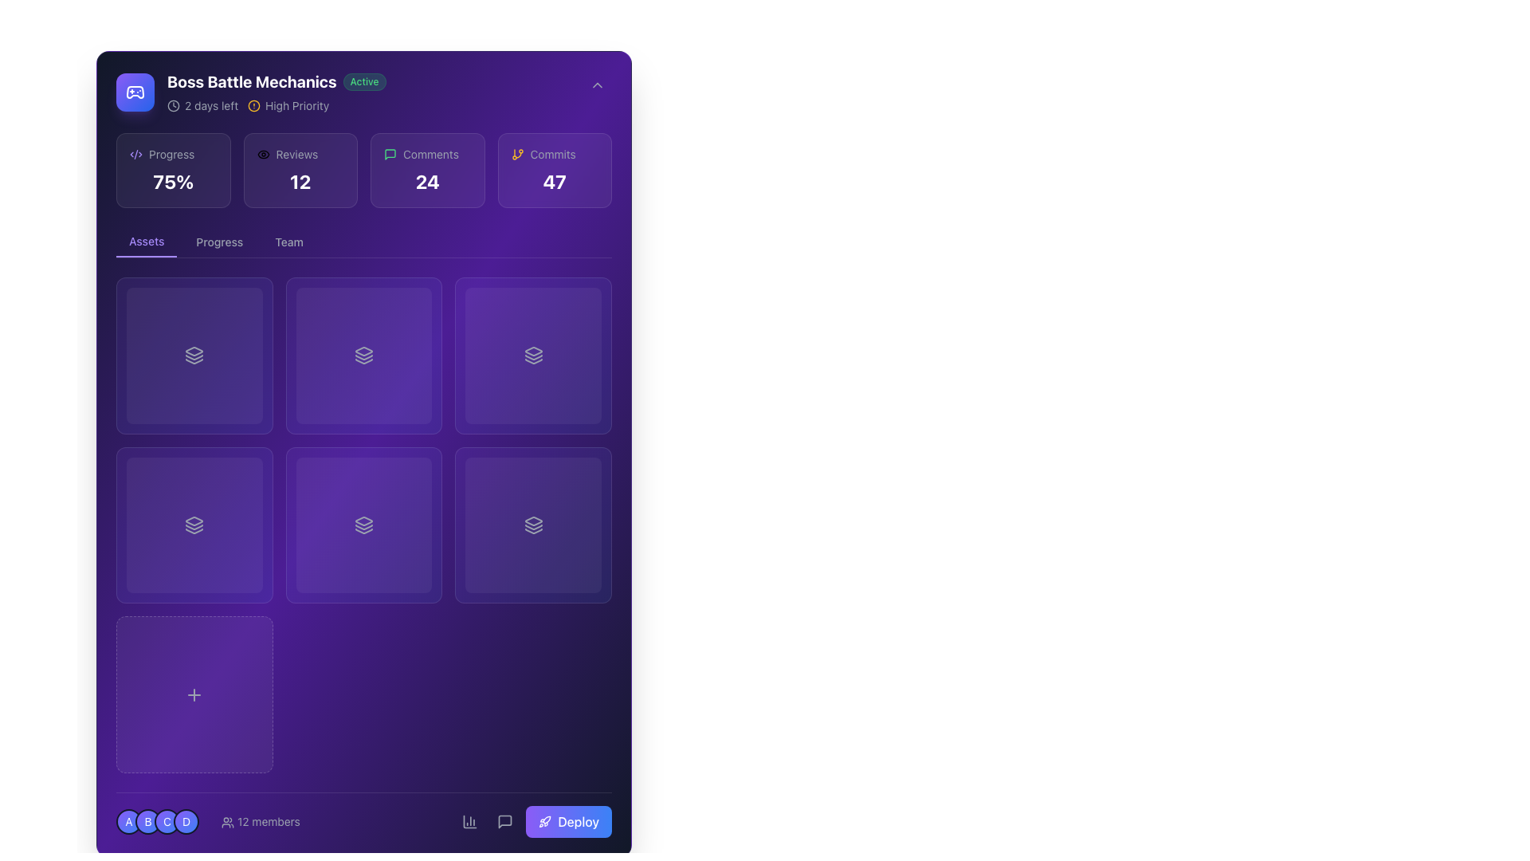  What do you see at coordinates (533, 355) in the screenshot?
I see `the square button with a gradient purple background and a layer stack icon at its center` at bounding box center [533, 355].